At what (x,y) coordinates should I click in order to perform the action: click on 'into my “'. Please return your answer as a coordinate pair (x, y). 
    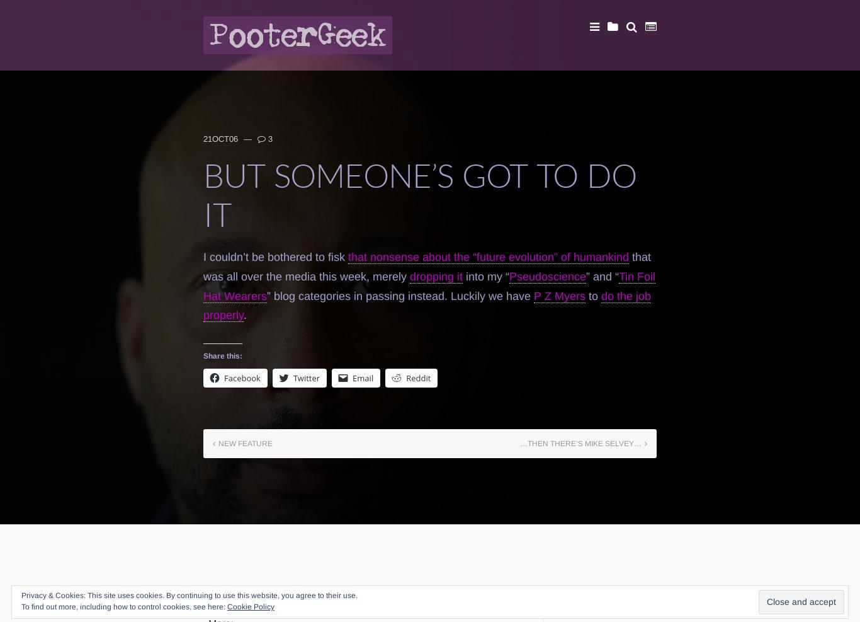
    Looking at the image, I should click on (463, 275).